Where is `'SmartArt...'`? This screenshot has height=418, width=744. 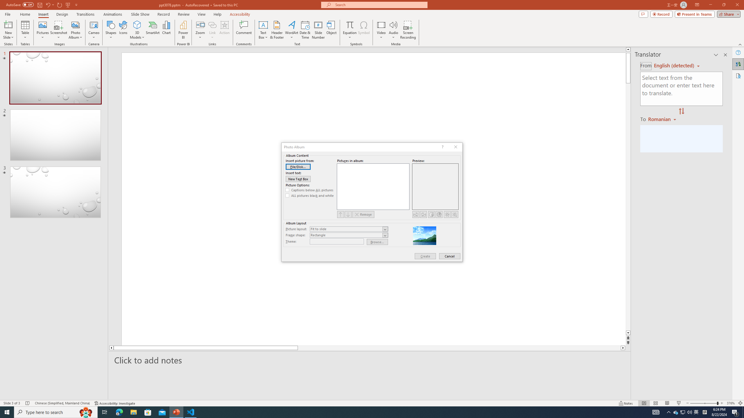
'SmartArt...' is located at coordinates (153, 30).